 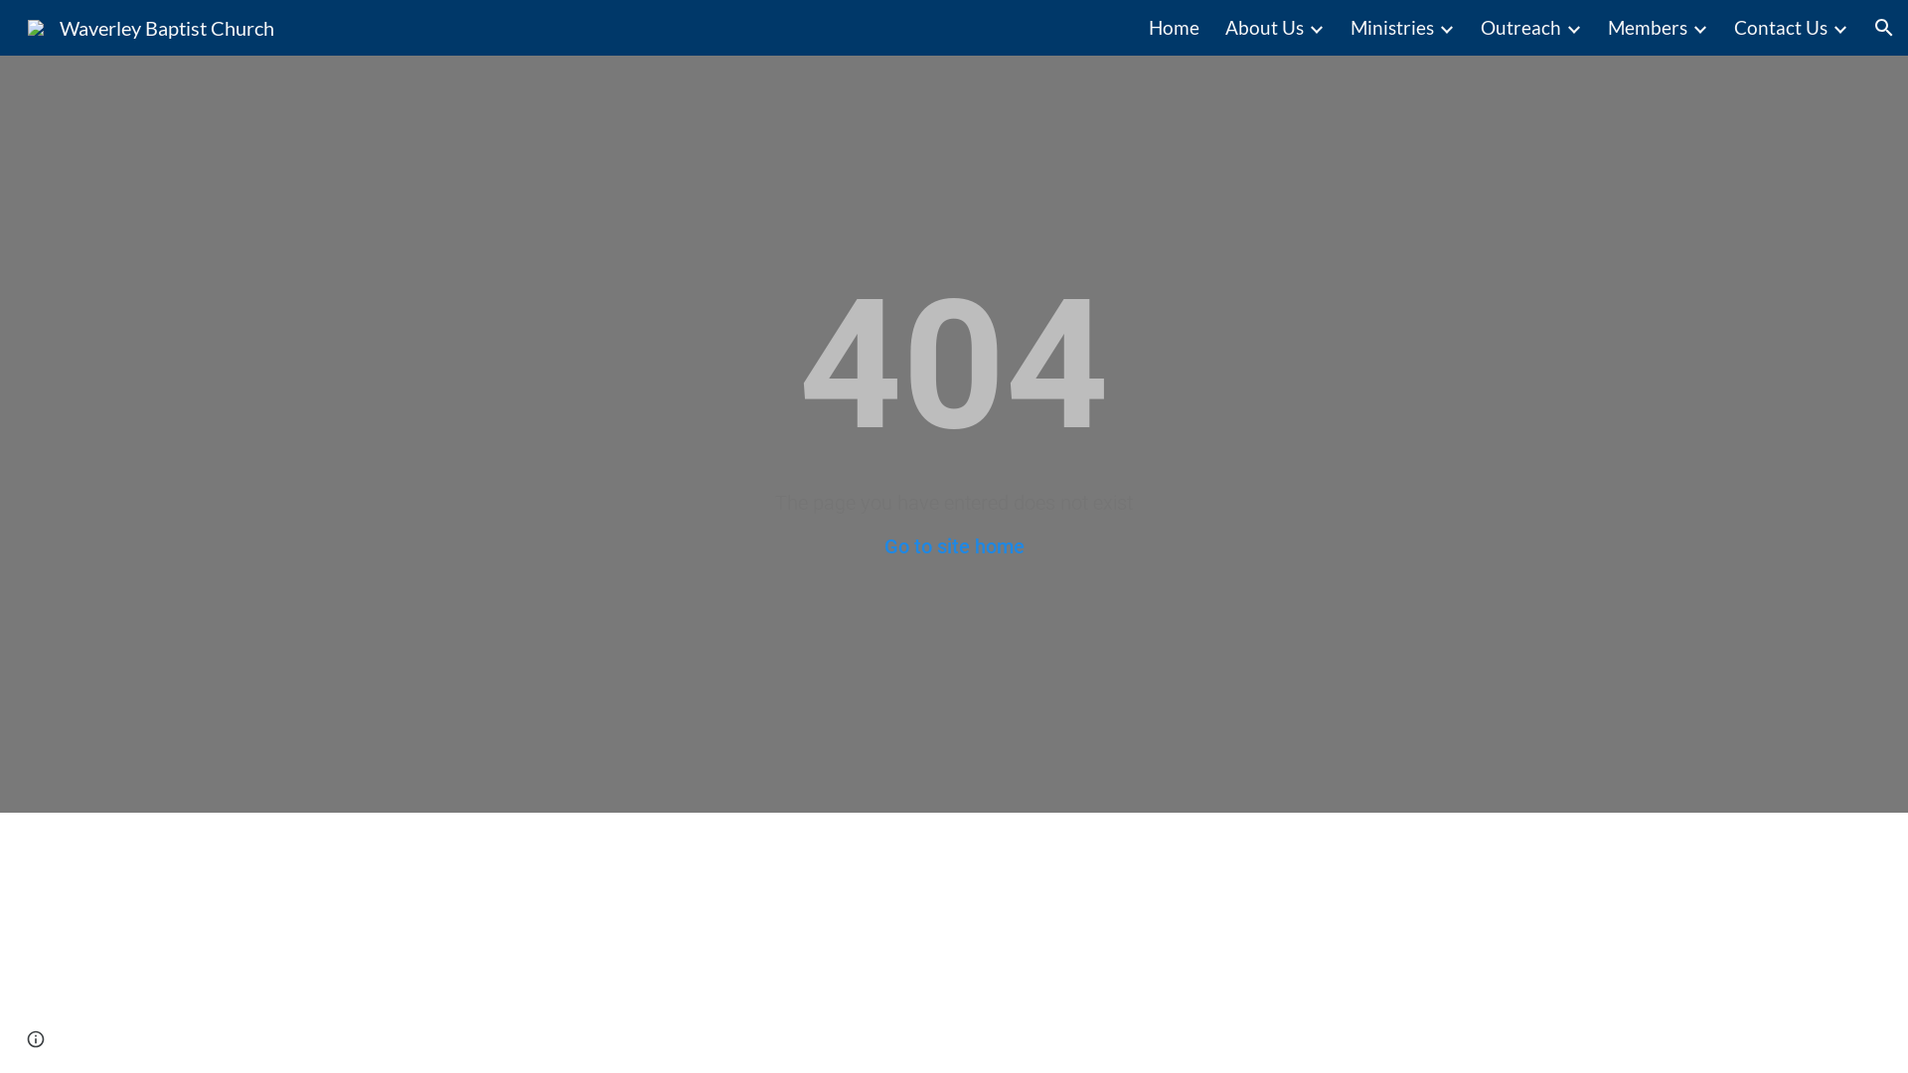 What do you see at coordinates (1733, 27) in the screenshot?
I see `'Contact Us'` at bounding box center [1733, 27].